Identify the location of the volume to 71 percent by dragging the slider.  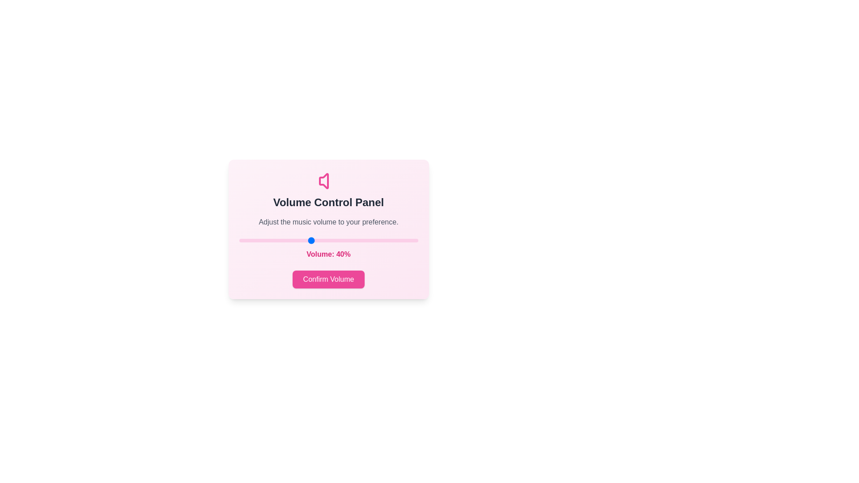
(366, 240).